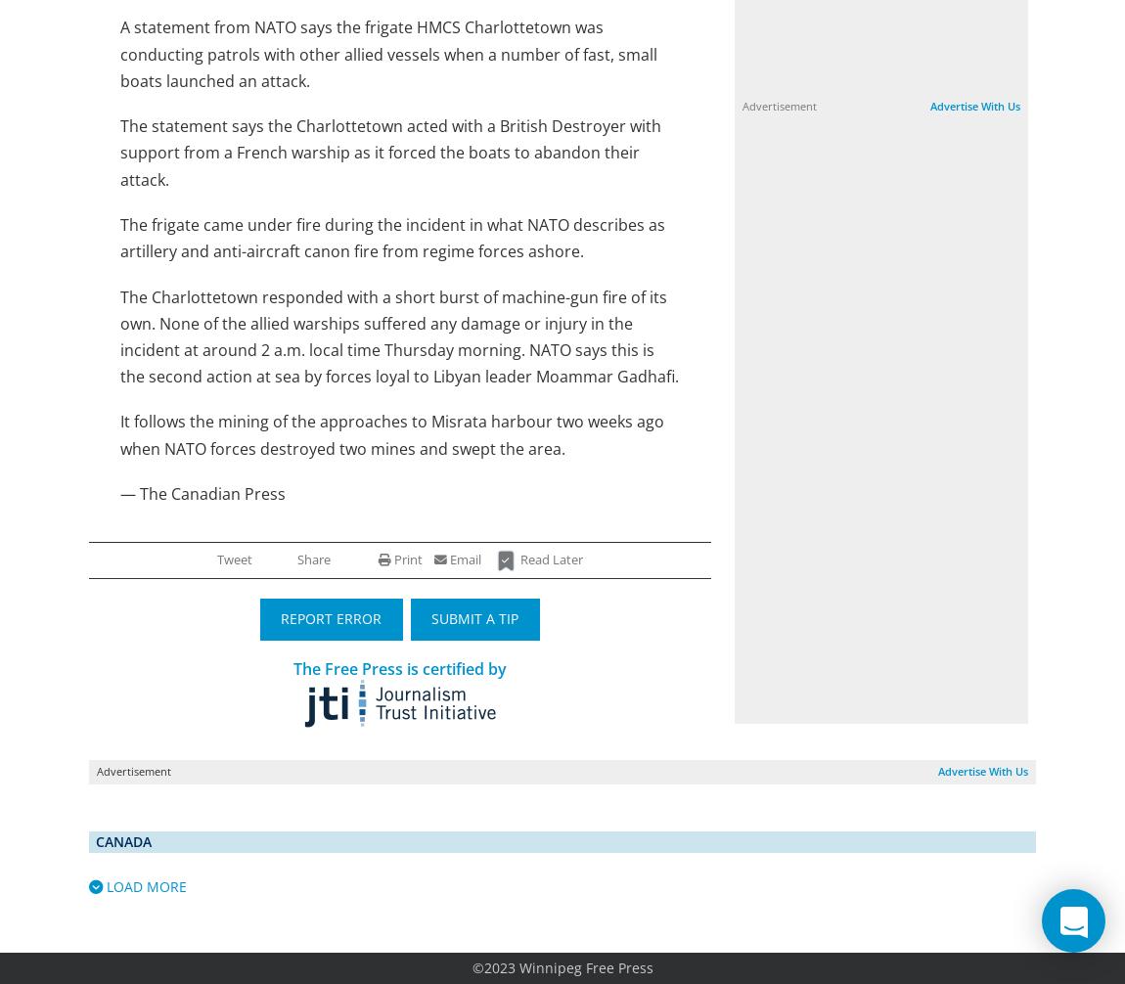 The height and width of the screenshot is (984, 1125). What do you see at coordinates (215, 559) in the screenshot?
I see `'Tweet'` at bounding box center [215, 559].